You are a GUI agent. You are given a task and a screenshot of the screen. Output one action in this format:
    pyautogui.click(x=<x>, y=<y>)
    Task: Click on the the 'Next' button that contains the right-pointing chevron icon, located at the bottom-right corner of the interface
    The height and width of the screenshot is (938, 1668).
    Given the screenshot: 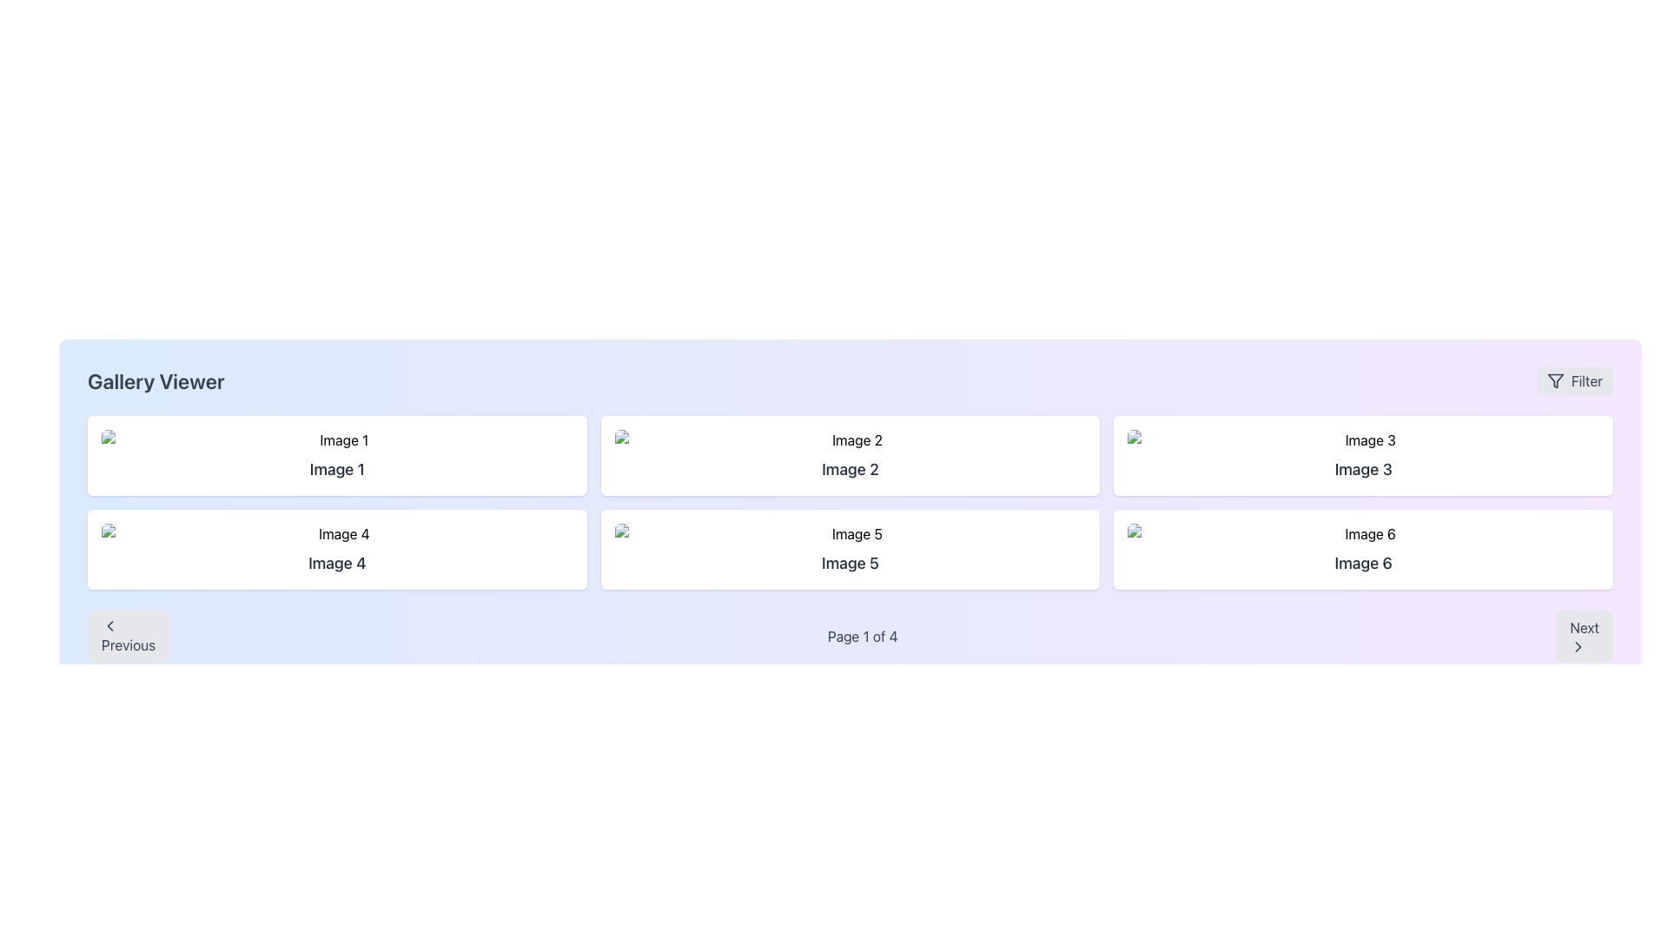 What is the action you would take?
    pyautogui.click(x=1579, y=646)
    